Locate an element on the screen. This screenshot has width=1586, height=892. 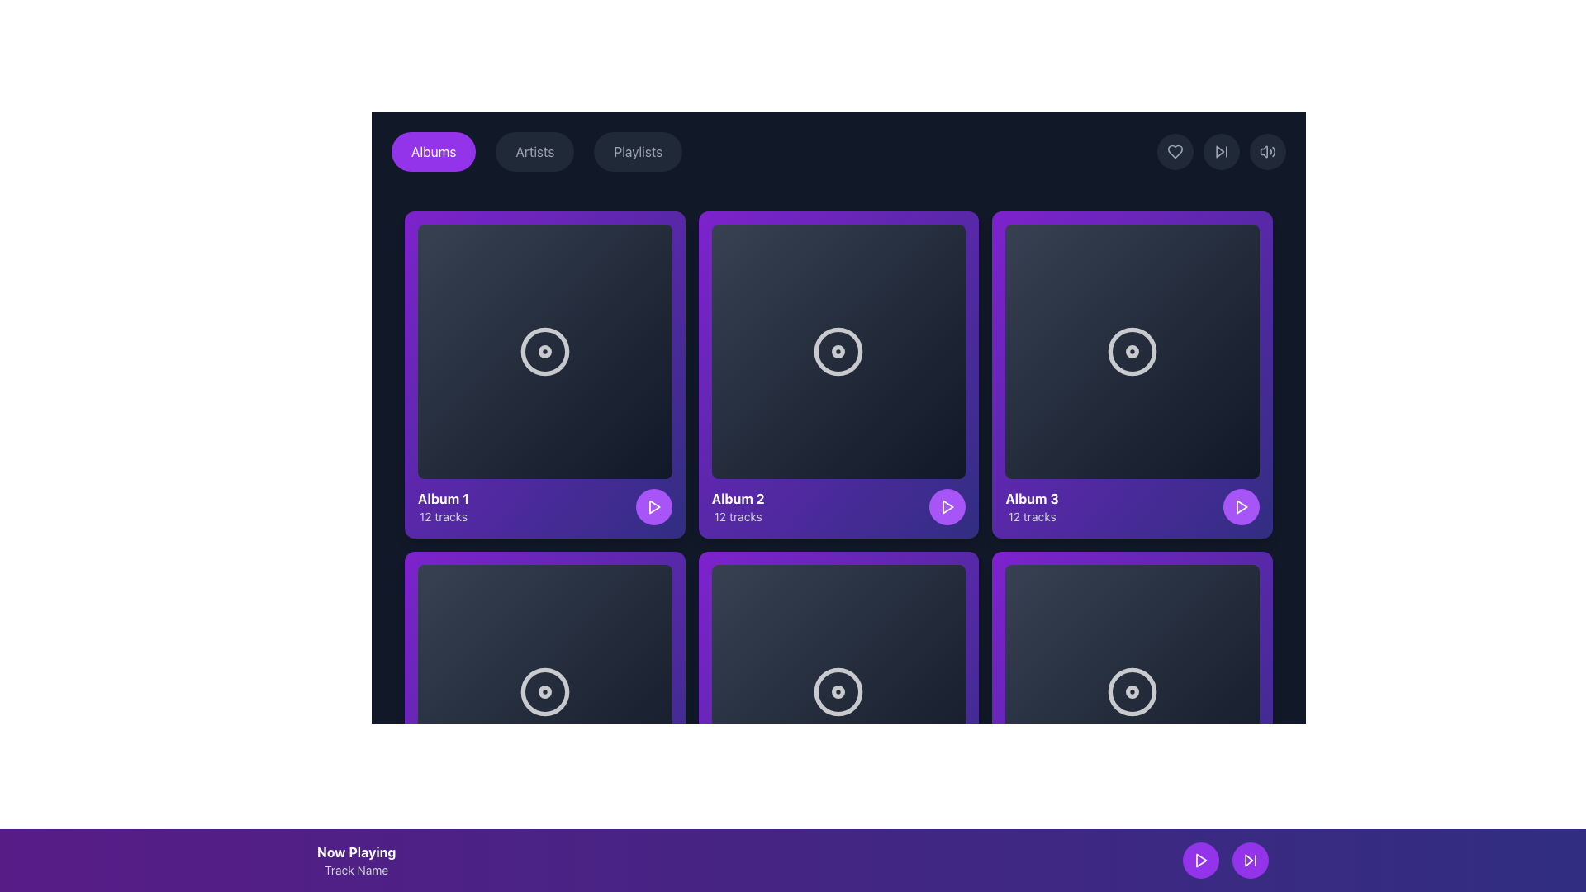
the play button located in the bottom-right corner of the 'Album 1' card to initiate playback of the album content is located at coordinates (653, 505).